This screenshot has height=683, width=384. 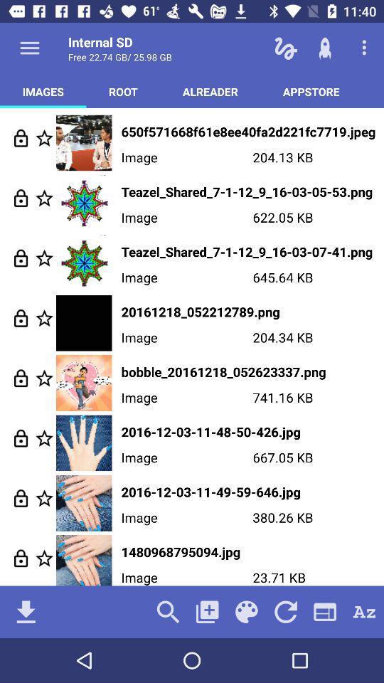 I want to click on lock an image, so click(x=20, y=318).